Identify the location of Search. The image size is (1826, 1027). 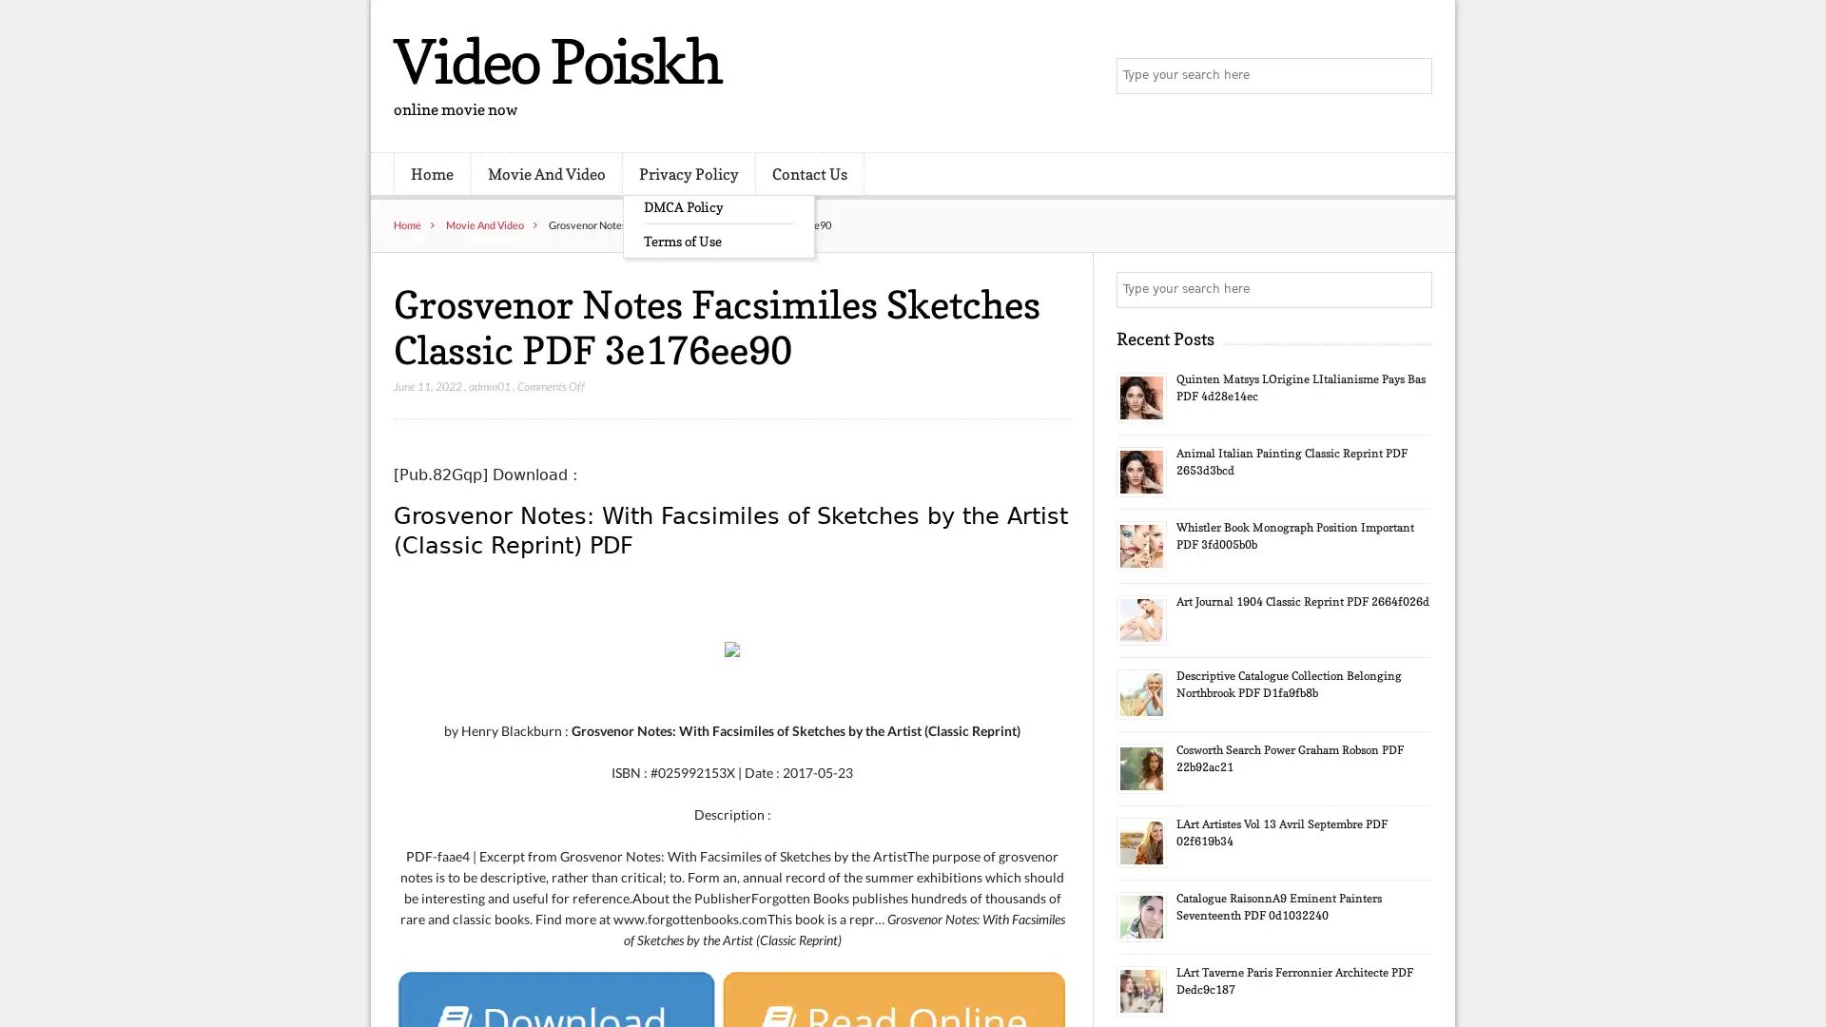
(1412, 289).